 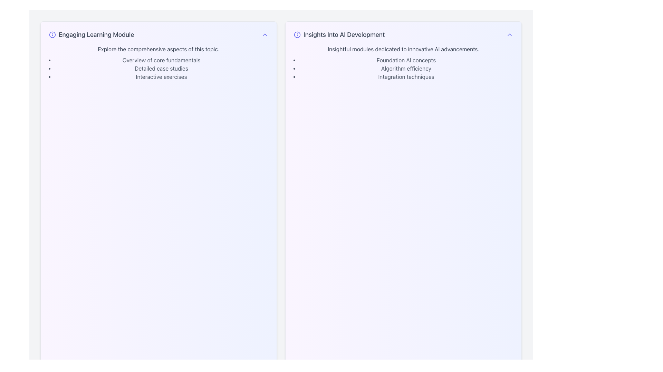 What do you see at coordinates (52, 34) in the screenshot?
I see `the supplementary visual cue icon located in the top-left area of the 'Engaging Learning Module' title section` at bounding box center [52, 34].